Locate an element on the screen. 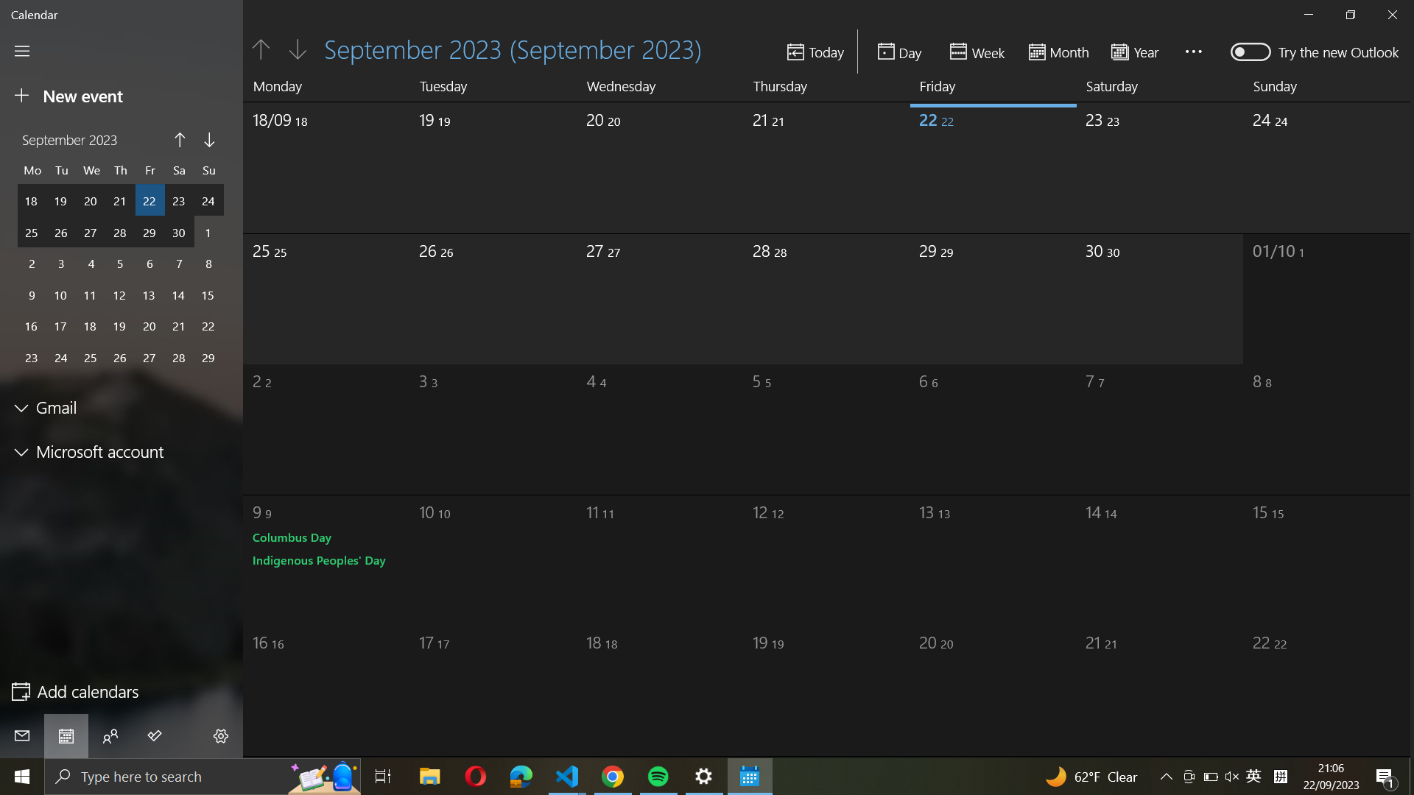 This screenshot has height=795, width=1414. the date 10/13 is located at coordinates (972, 554).